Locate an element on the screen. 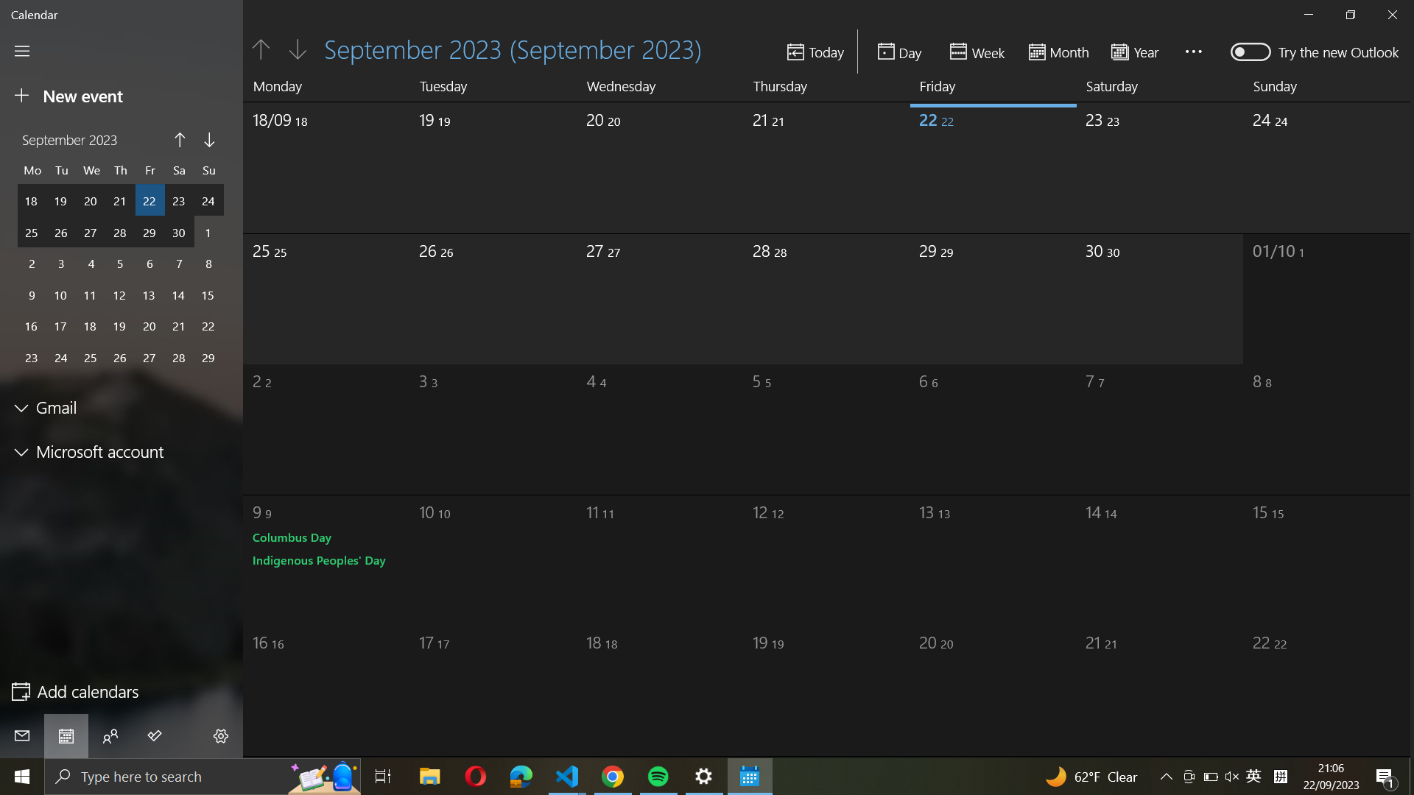 This screenshot has height=795, width=1414. the date 10/13 is located at coordinates (972, 554).